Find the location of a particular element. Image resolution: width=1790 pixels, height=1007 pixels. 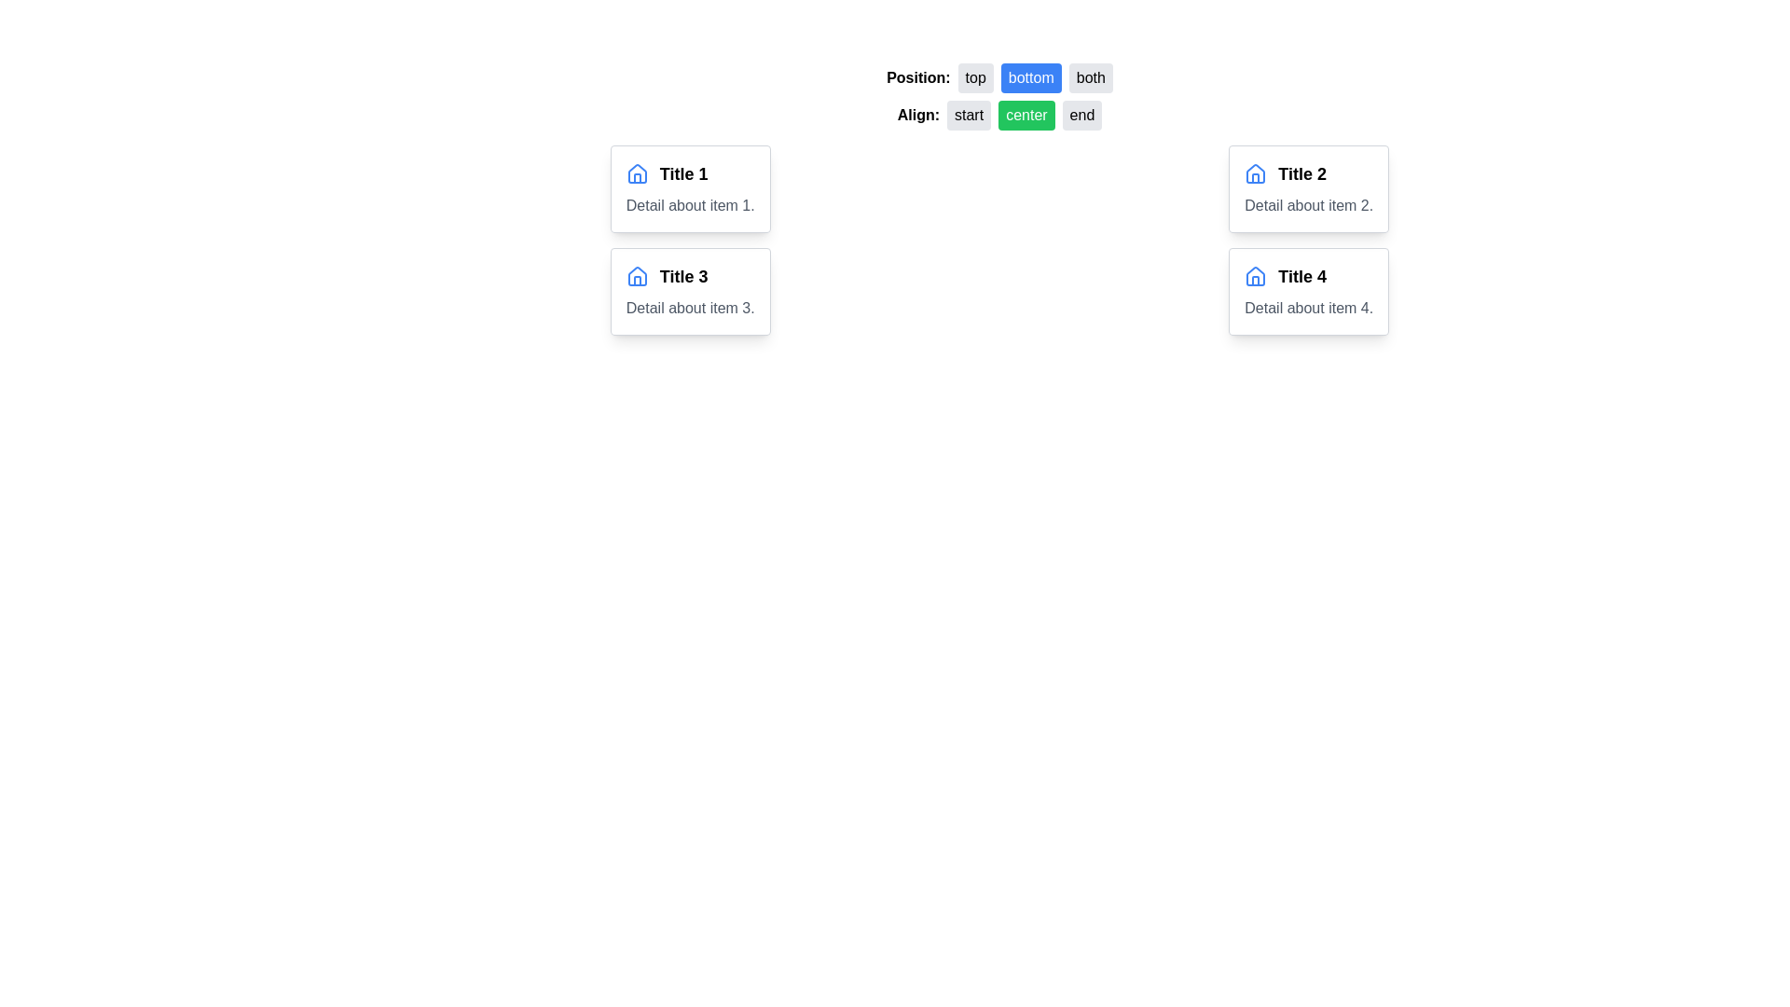

the decorative home icon located within the card labeled 'Title 1', positioned to the left of the text content is located at coordinates (1256, 276).